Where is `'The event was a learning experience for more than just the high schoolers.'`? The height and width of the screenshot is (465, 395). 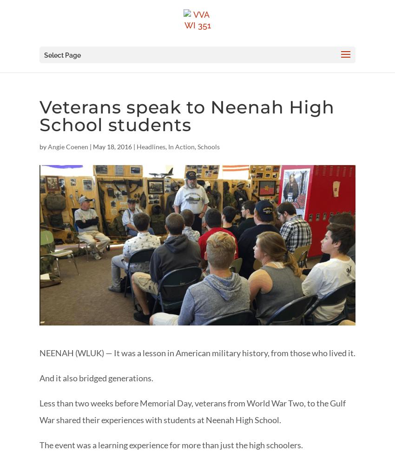 'The event was a learning experience for more than just the high schoolers.' is located at coordinates (171, 444).